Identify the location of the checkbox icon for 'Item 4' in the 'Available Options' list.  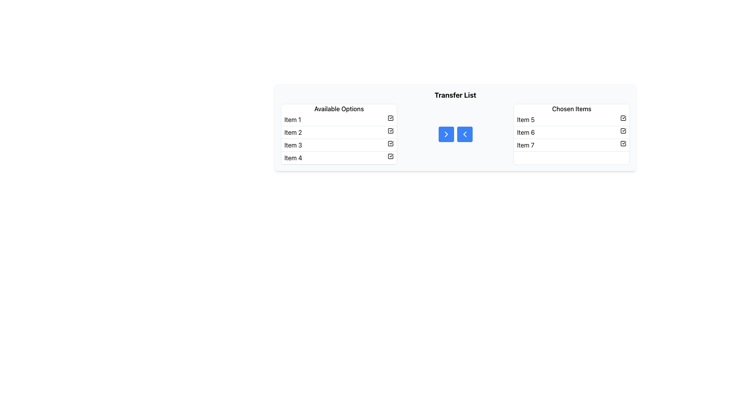
(391, 156).